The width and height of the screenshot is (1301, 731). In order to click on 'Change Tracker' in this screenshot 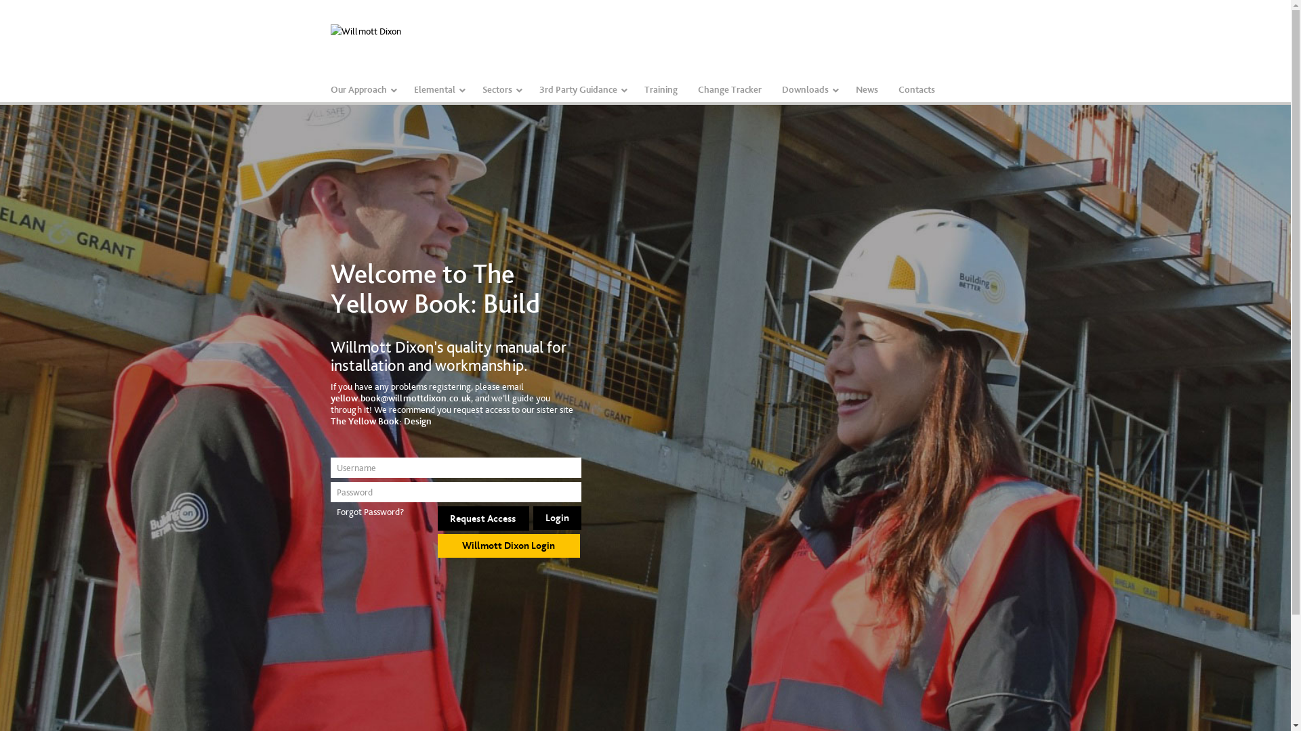, I will do `click(728, 89)`.